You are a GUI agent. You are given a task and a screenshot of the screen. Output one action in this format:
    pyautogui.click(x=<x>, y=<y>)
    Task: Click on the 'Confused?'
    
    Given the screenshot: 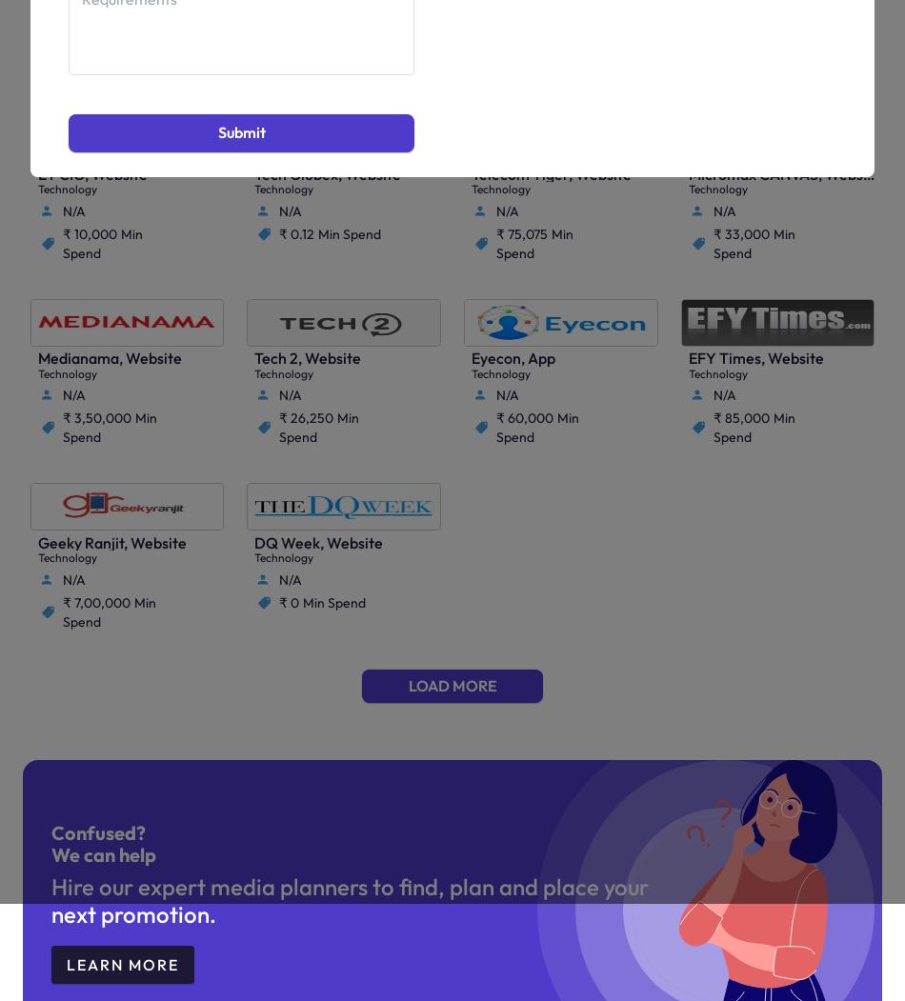 What is the action you would take?
    pyautogui.click(x=97, y=831)
    